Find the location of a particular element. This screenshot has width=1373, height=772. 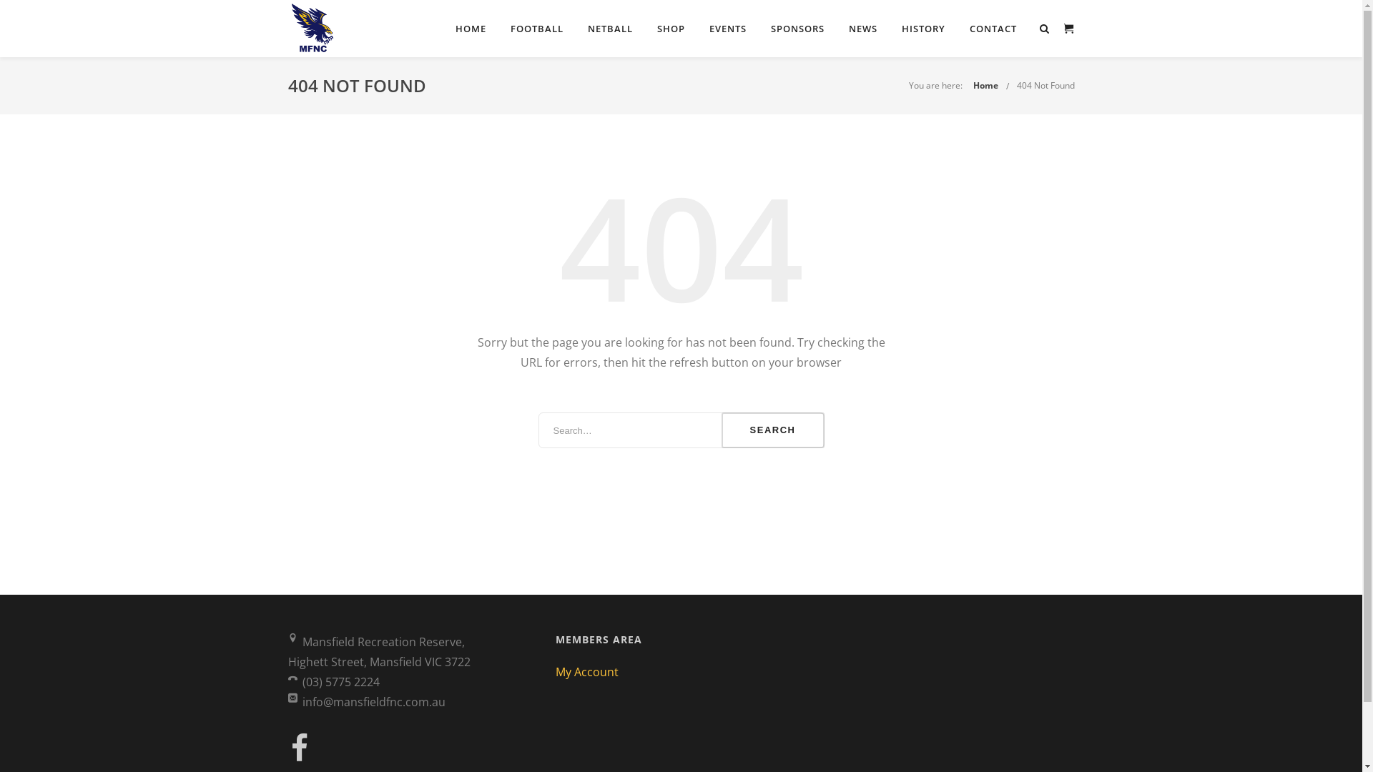

'SHOP' is located at coordinates (647, 28).